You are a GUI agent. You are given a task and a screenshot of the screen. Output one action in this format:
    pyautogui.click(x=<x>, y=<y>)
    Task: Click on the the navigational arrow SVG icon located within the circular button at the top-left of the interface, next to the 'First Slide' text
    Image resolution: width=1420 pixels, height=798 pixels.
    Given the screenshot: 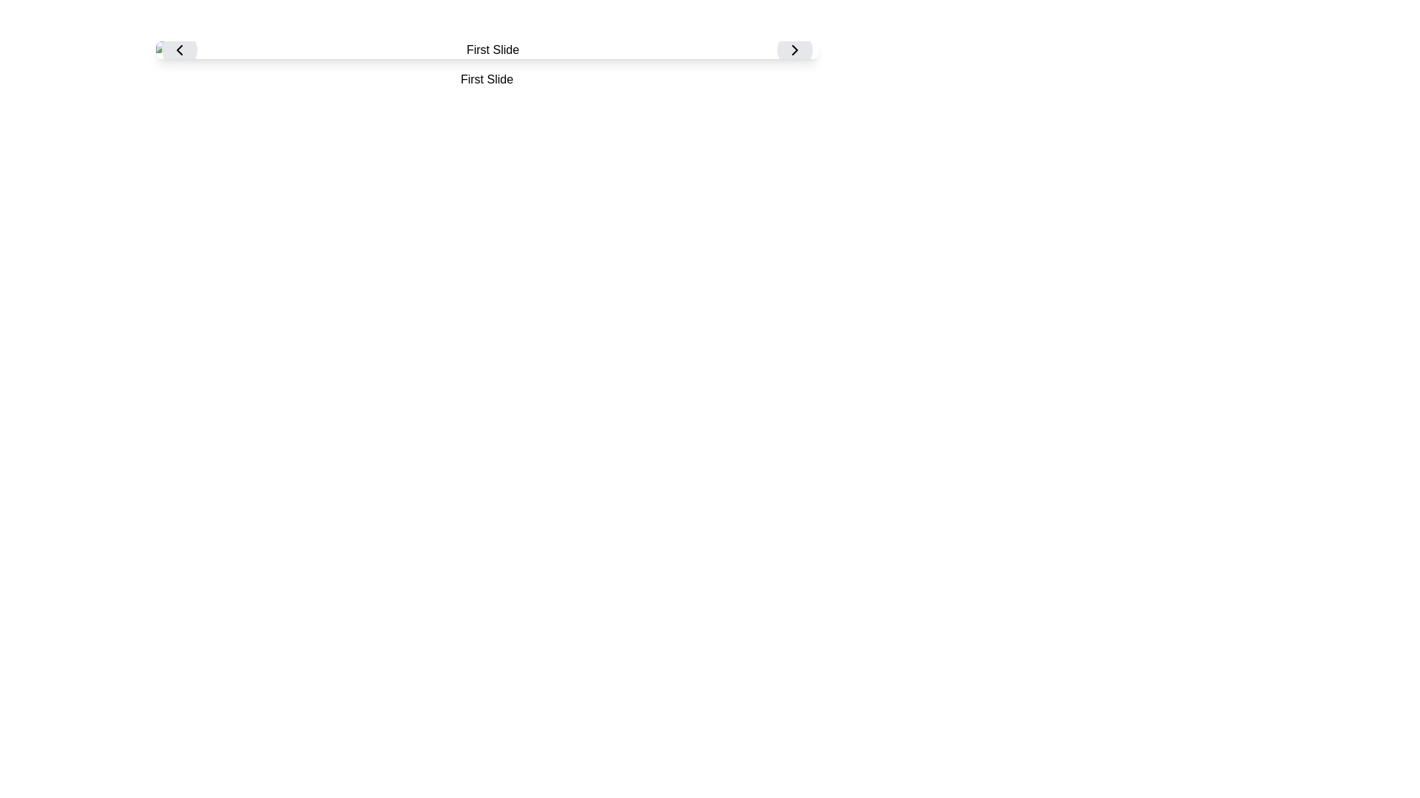 What is the action you would take?
    pyautogui.click(x=178, y=50)
    